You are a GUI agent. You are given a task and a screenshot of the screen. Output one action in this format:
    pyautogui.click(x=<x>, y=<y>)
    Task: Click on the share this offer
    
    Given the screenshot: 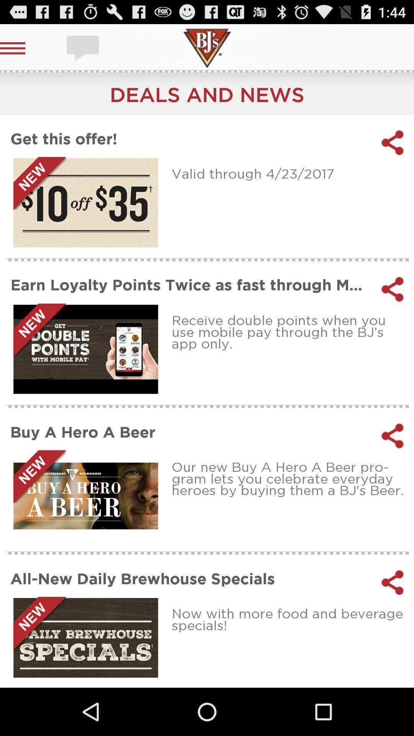 What is the action you would take?
    pyautogui.click(x=393, y=143)
    